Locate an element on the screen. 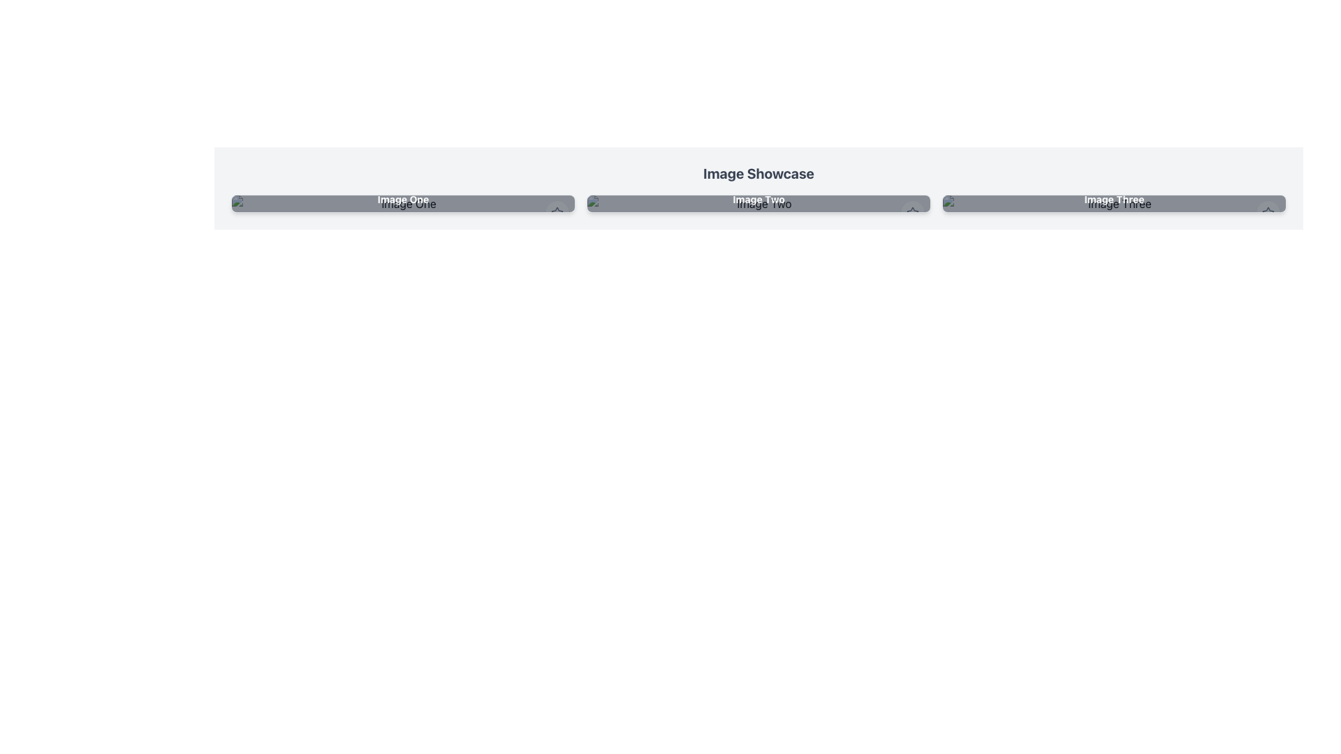  the star-shaped icon with a light gray color and thin hollow stroke located at the far right side of the third horizontal bar labeled 'Image Three' to potentially see additional information or a tooltip is located at coordinates (1268, 212).